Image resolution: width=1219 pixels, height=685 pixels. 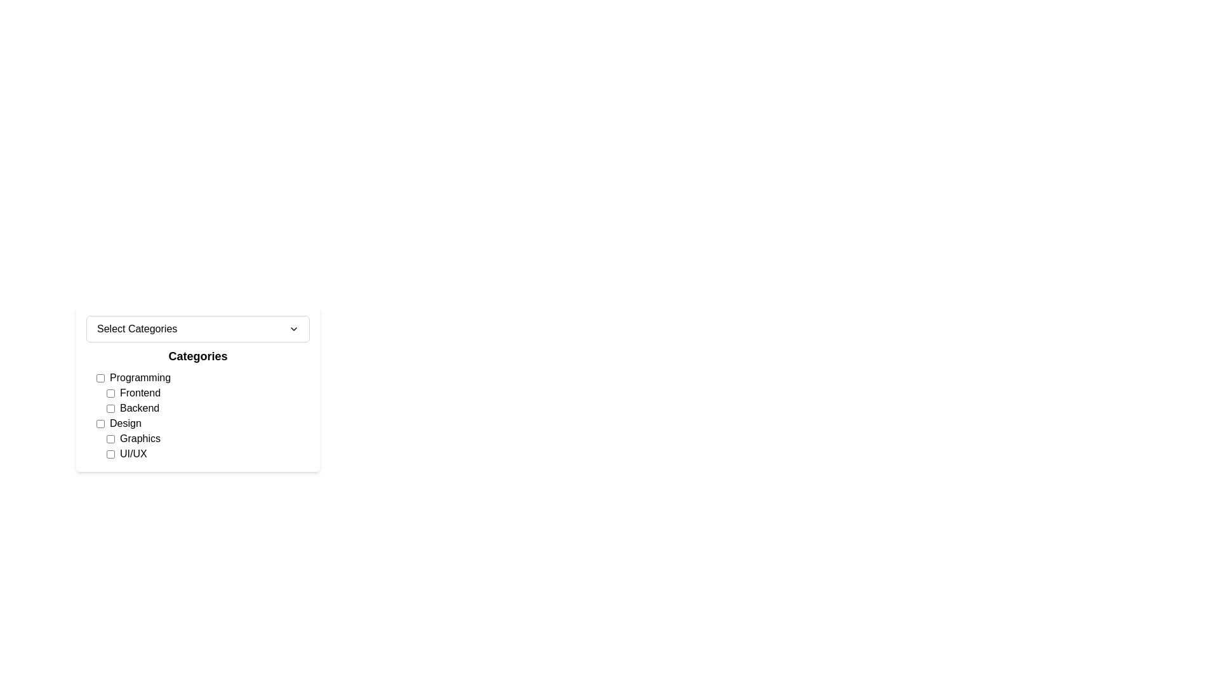 I want to click on the checkbox for the 'Frontend' category, which is positioned, so click(x=110, y=393).